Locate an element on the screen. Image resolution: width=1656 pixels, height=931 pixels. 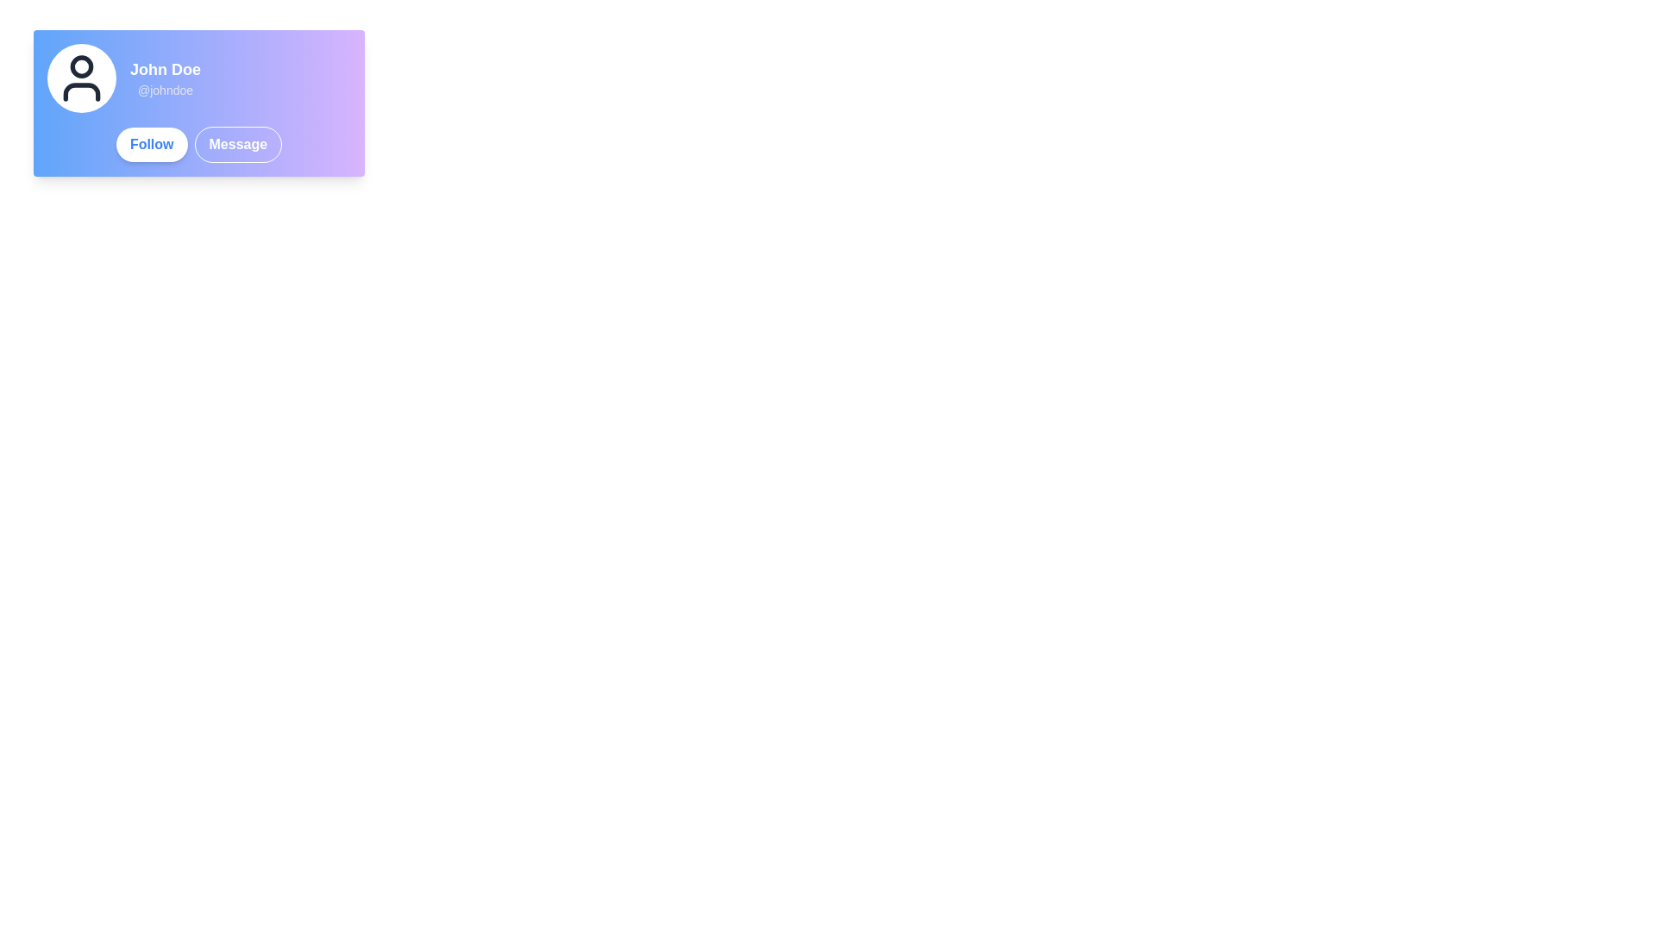
the profile icon located at the top-left side of the user information card, which serves as the user's avatar or placeholder for a profile image is located at coordinates (81, 78).